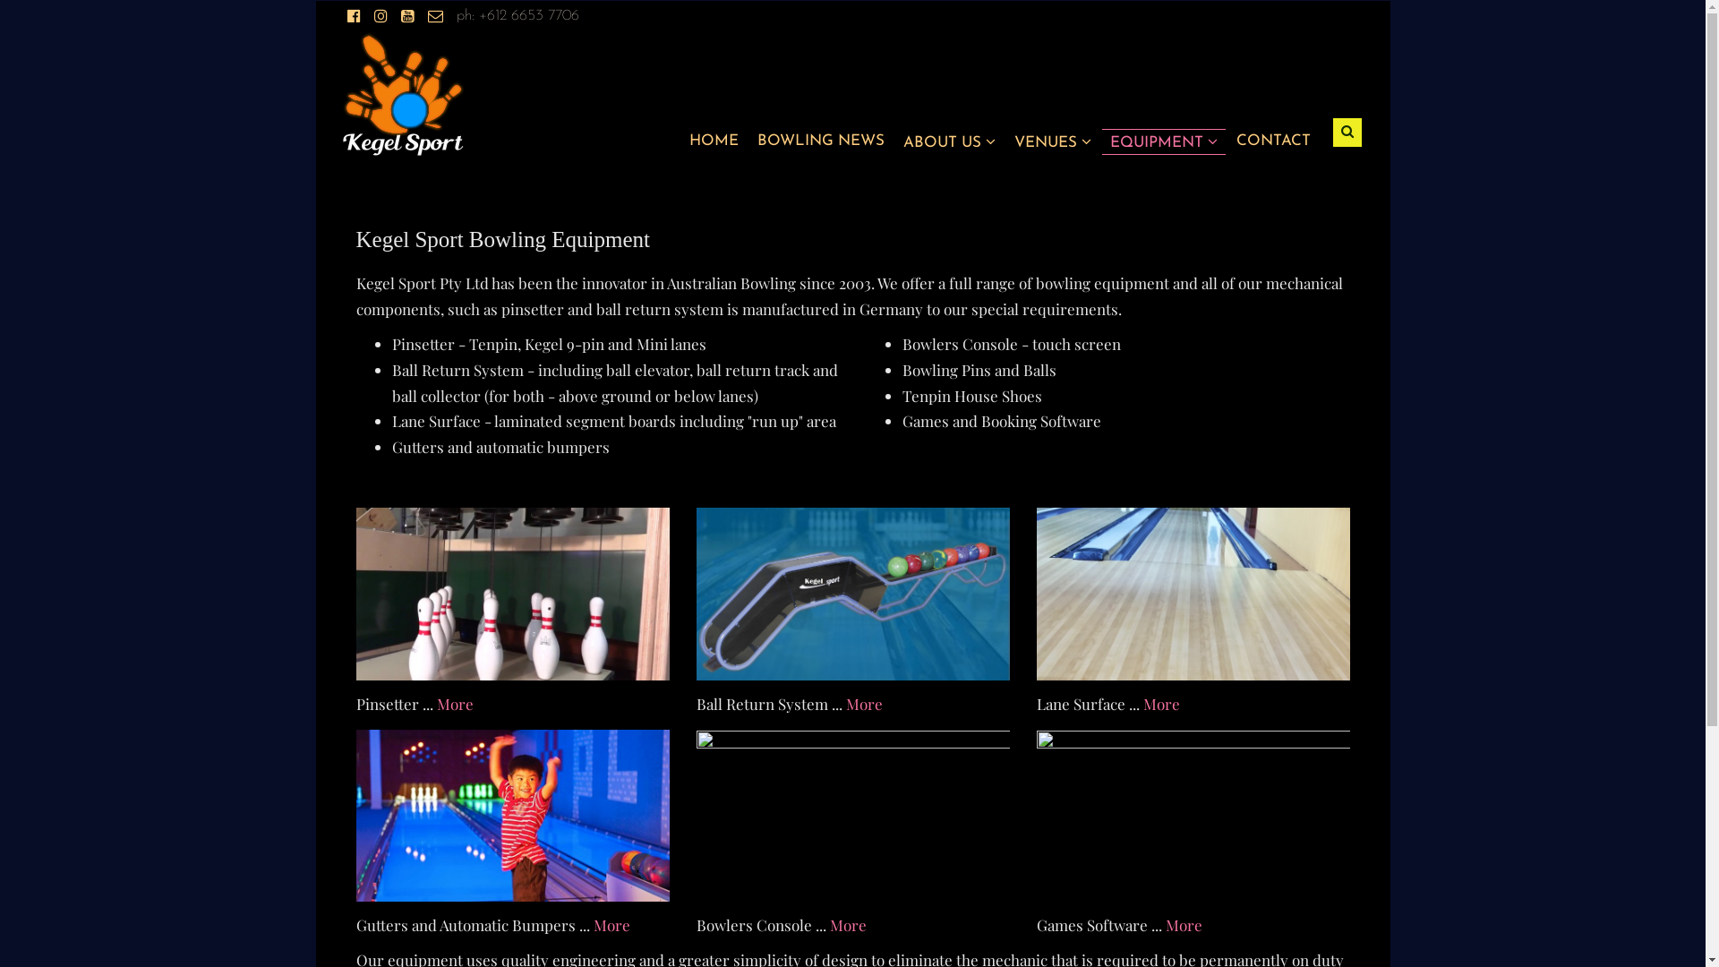 The height and width of the screenshot is (967, 1719). I want to click on 'String Setters', so click(511, 594).